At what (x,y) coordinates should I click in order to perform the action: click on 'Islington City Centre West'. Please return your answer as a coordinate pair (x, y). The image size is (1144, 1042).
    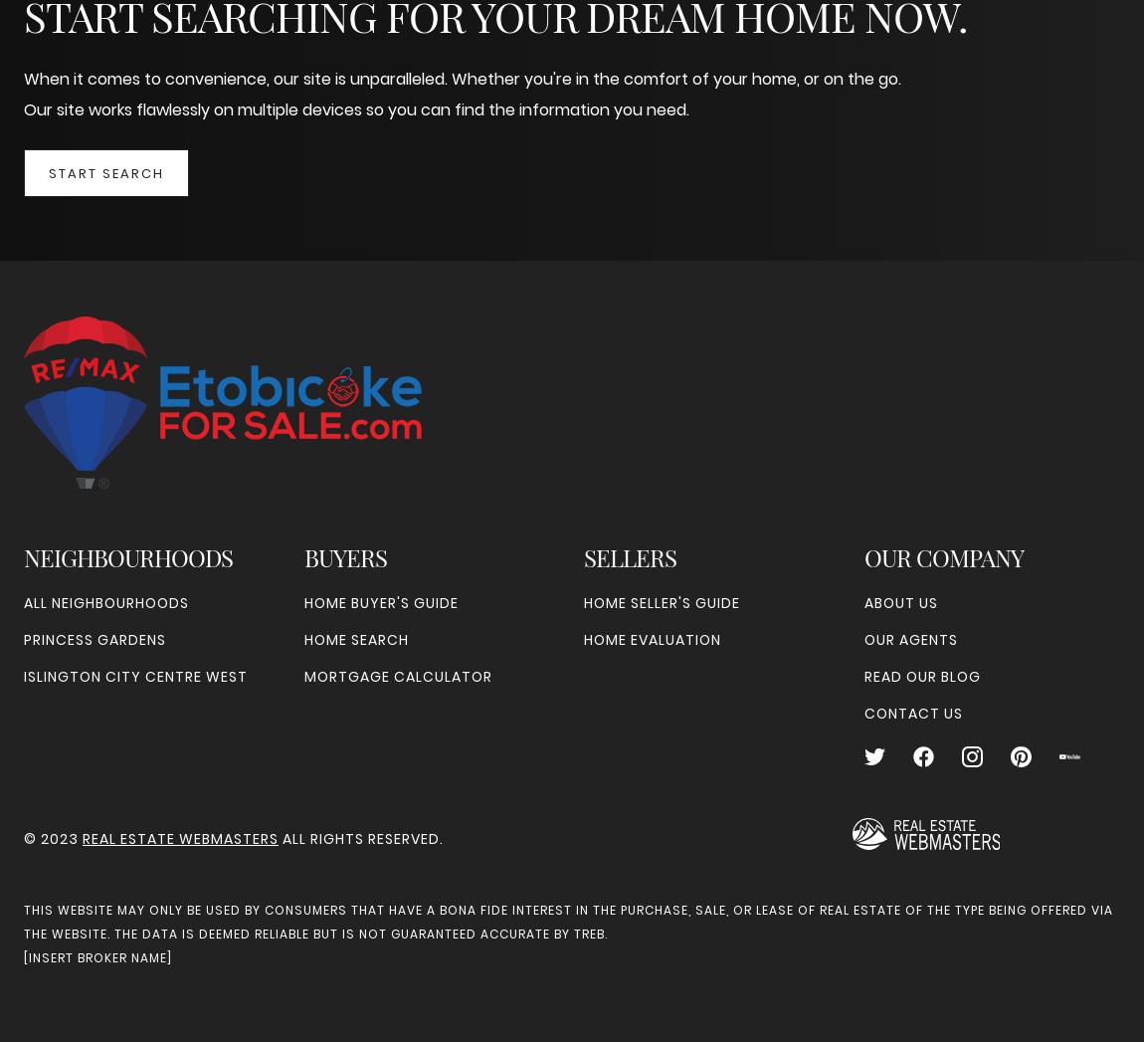
    Looking at the image, I should click on (134, 676).